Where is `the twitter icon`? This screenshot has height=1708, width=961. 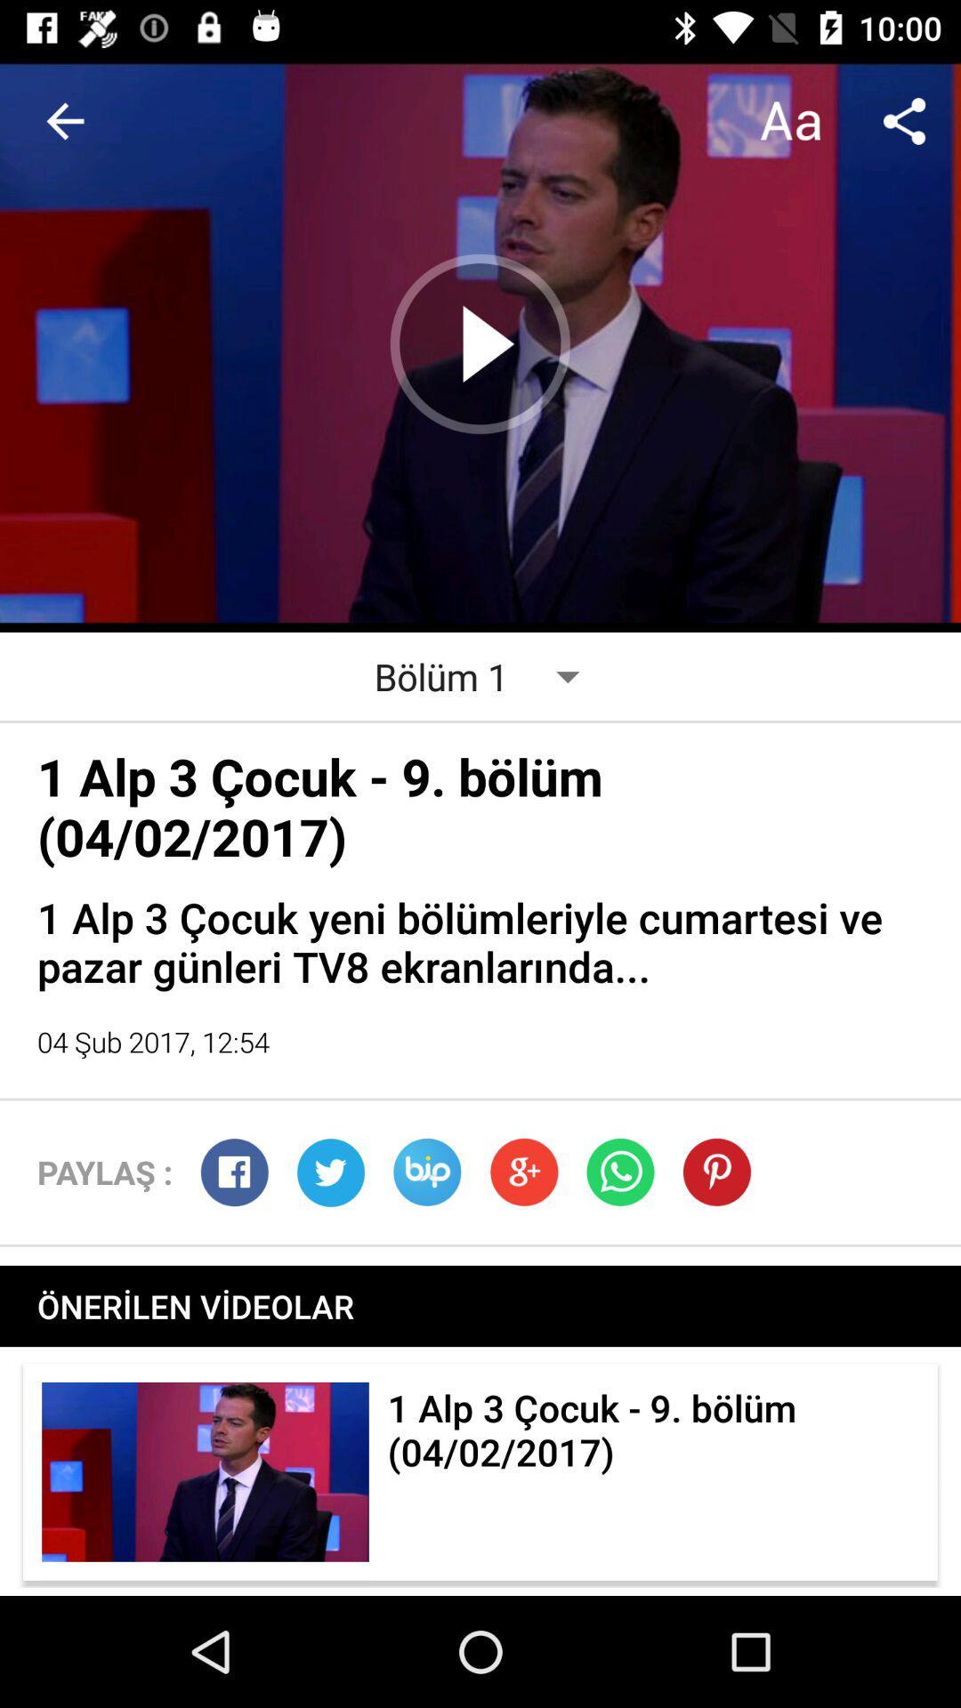
the twitter icon is located at coordinates (330, 1172).